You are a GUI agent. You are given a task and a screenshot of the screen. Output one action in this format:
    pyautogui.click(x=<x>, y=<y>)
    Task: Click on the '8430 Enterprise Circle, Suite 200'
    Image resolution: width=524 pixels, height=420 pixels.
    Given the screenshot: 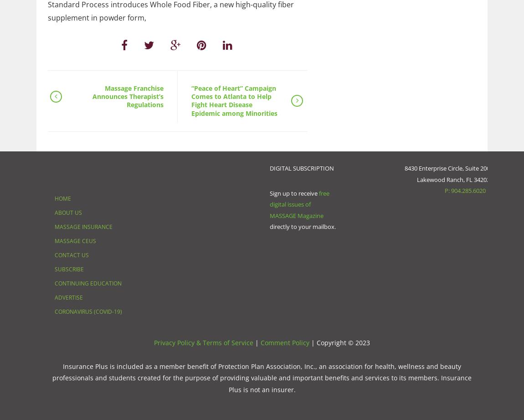 What is the action you would take?
    pyautogui.click(x=447, y=168)
    